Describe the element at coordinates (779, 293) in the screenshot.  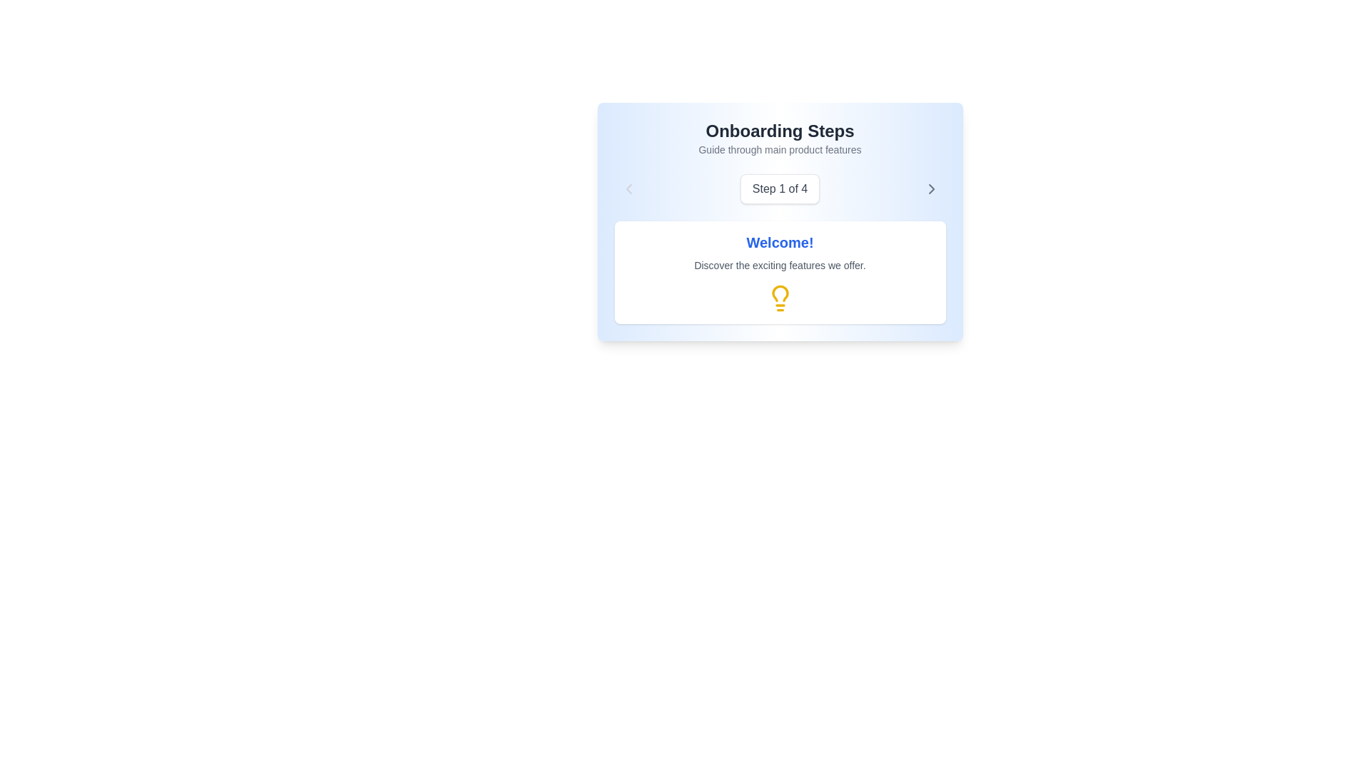
I see `the topmost segment of the lightbulb icon located centrally within the onboarding card beneath the text 'Welcome!'` at that location.